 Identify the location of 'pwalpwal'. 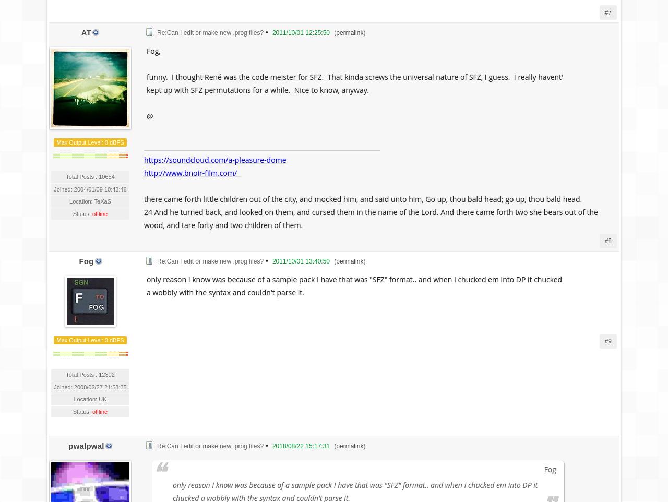
(86, 446).